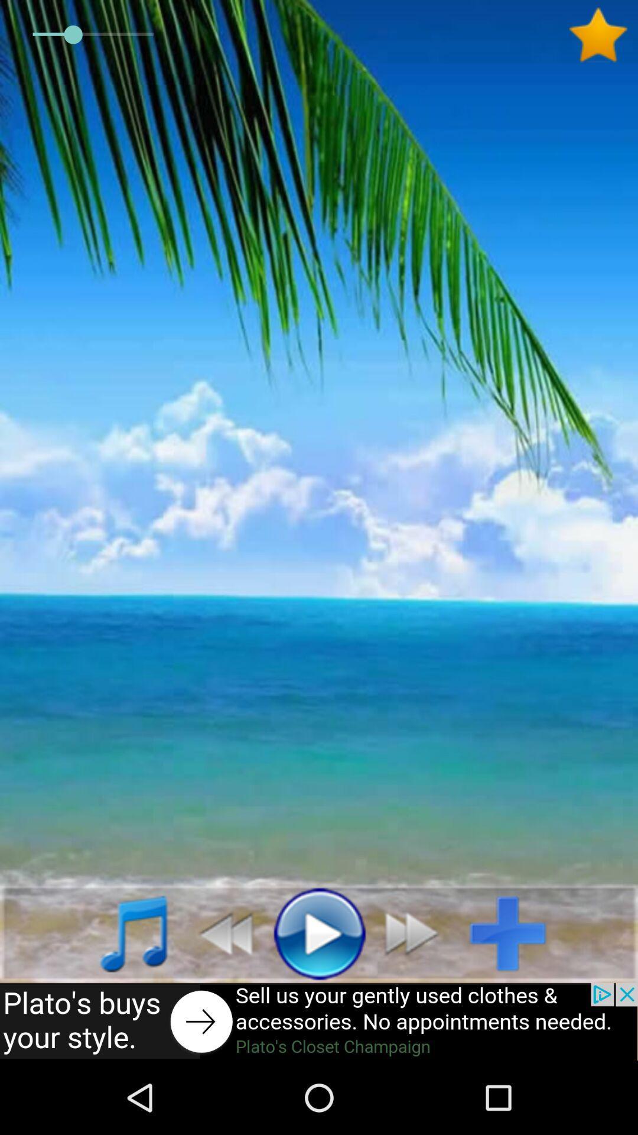  Describe the element at coordinates (603, 35) in the screenshot. I see `unfavourite this music` at that location.